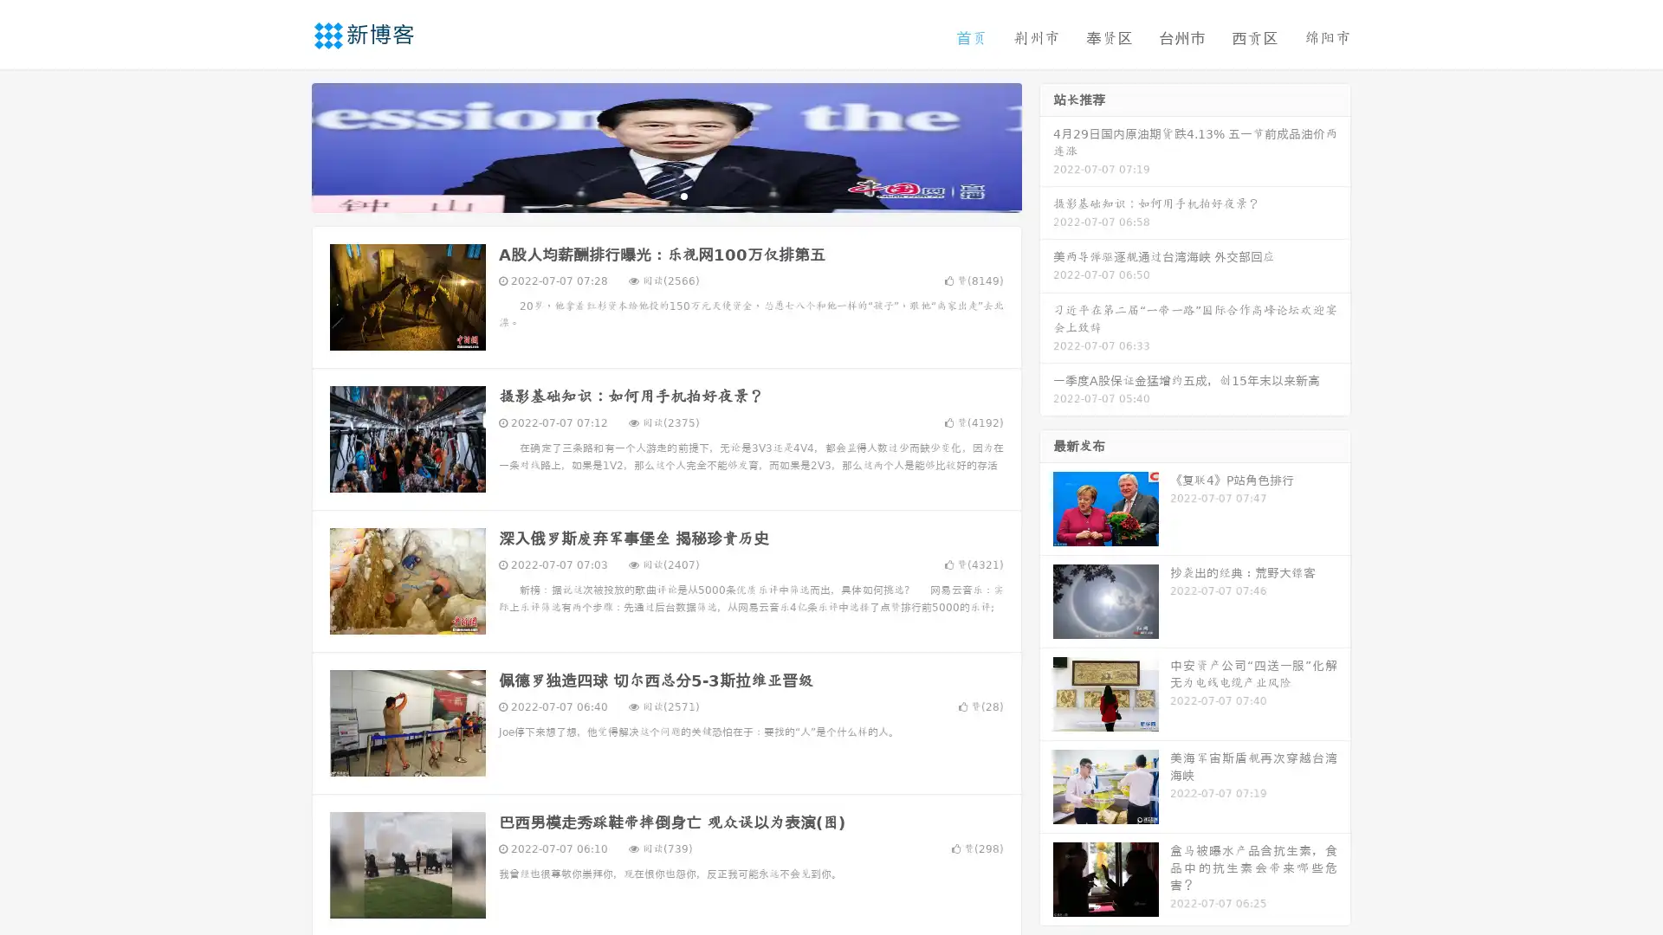 This screenshot has width=1663, height=935. Describe the element at coordinates (665, 195) in the screenshot. I see `Go to slide 2` at that location.